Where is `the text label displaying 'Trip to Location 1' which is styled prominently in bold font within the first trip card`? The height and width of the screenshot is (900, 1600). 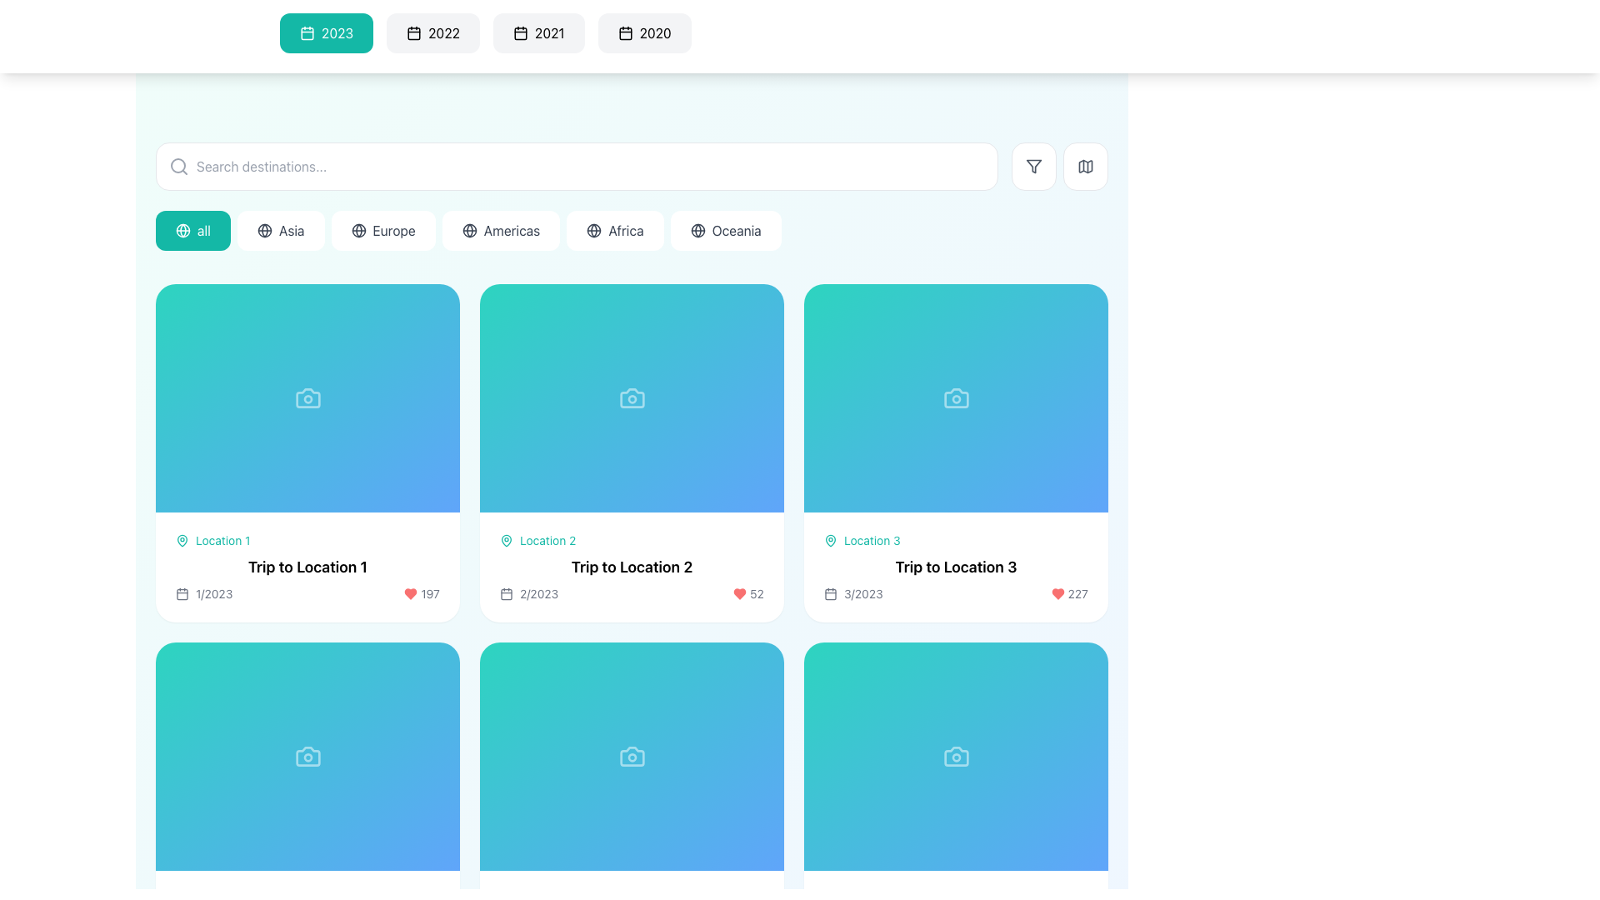
the text label displaying 'Trip to Location 1' which is styled prominently in bold font within the first trip card is located at coordinates (307, 566).